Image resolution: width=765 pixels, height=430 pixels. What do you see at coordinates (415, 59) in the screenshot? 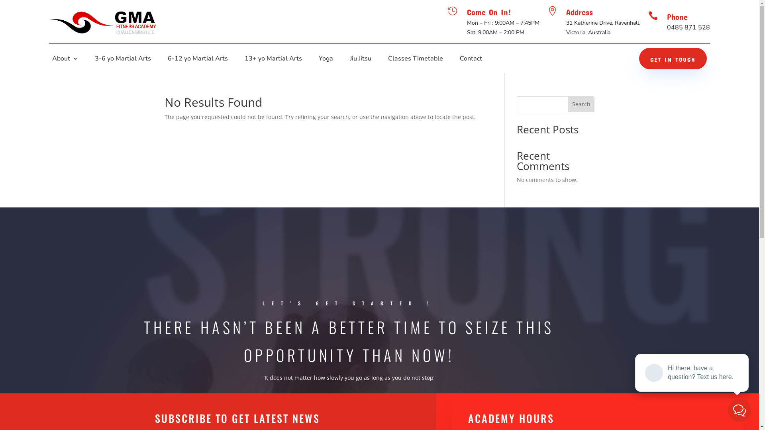
I see `'Classes Timetable'` at bounding box center [415, 59].